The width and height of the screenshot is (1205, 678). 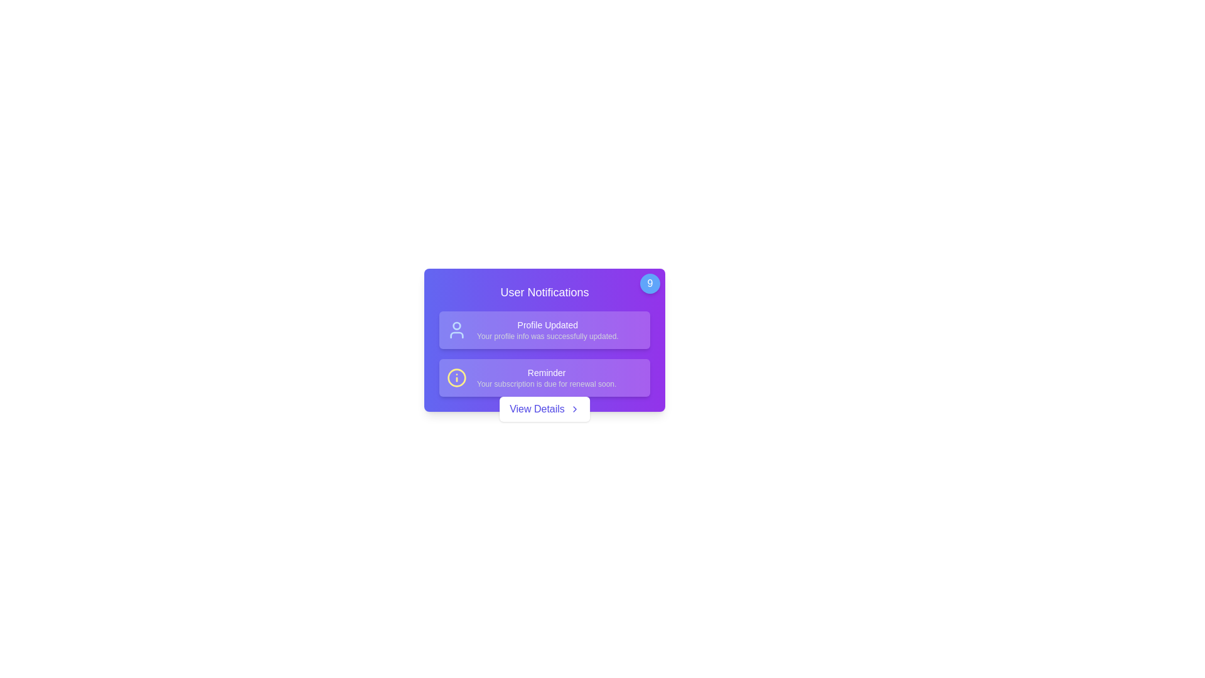 I want to click on the central circular component of the reminder informational icon located in the notification card, so click(x=456, y=377).